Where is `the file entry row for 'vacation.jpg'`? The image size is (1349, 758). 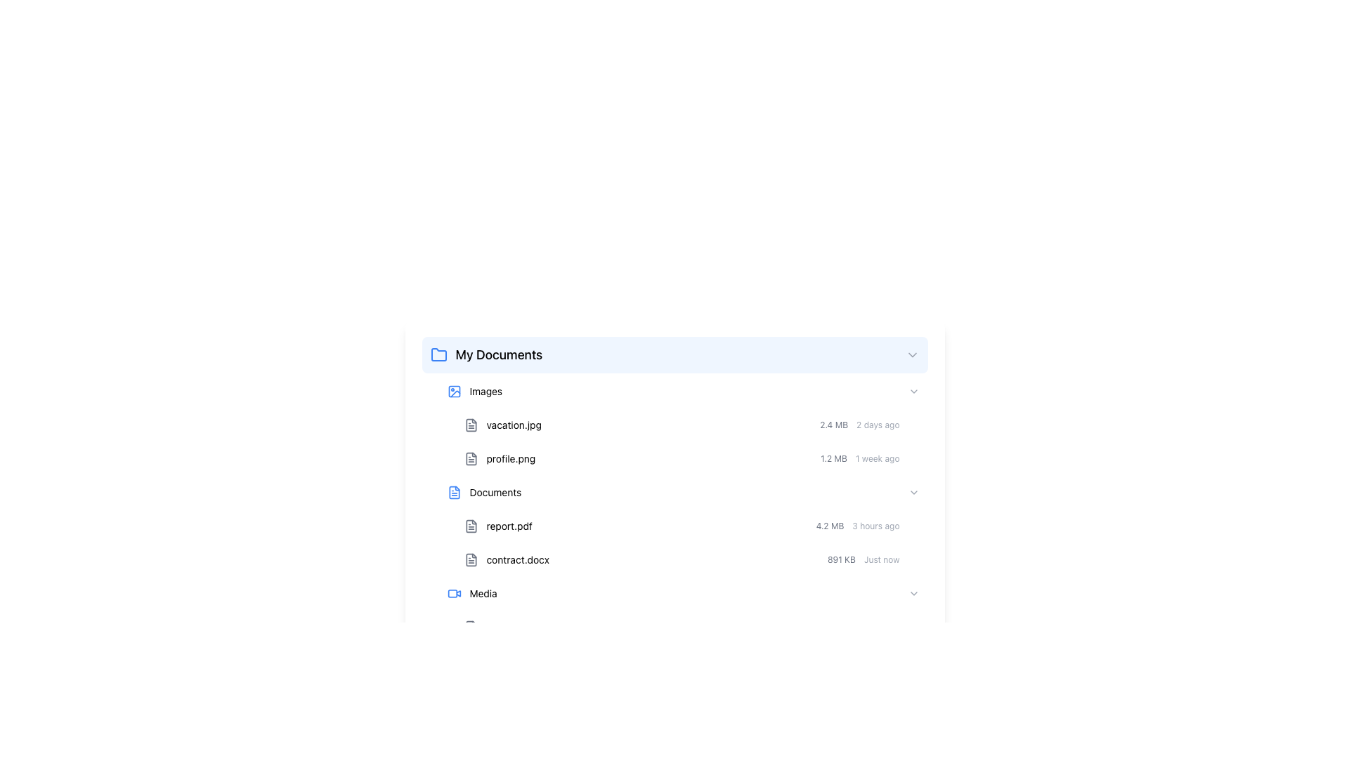 the file entry row for 'vacation.jpg' is located at coordinates (691, 424).